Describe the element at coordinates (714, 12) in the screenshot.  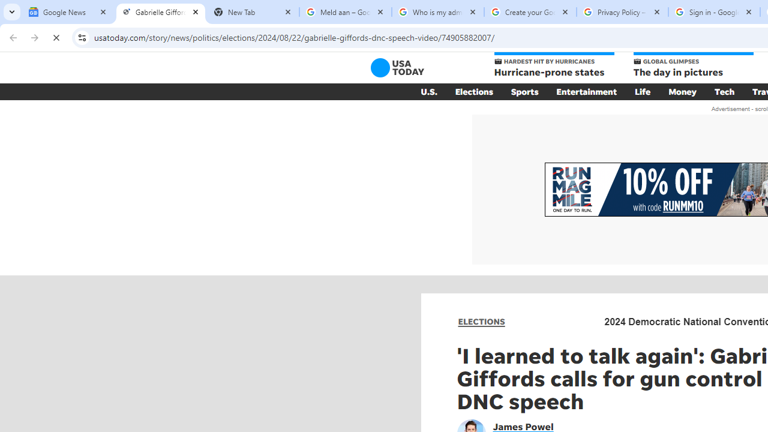
I see `'Sign in - Google Accounts'` at that location.